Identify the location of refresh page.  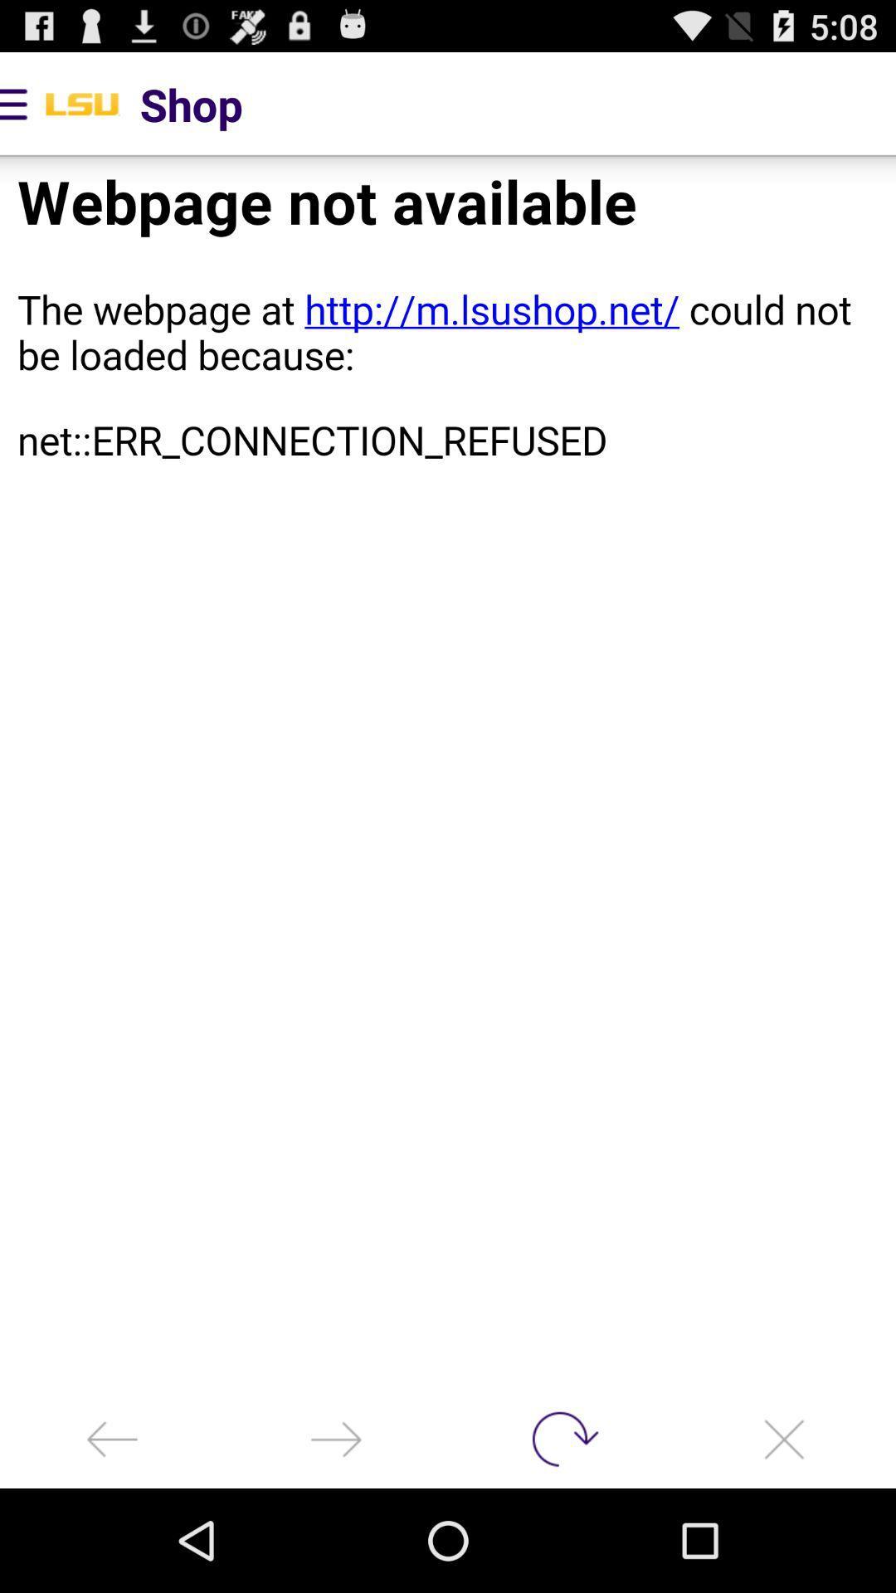
(560, 1438).